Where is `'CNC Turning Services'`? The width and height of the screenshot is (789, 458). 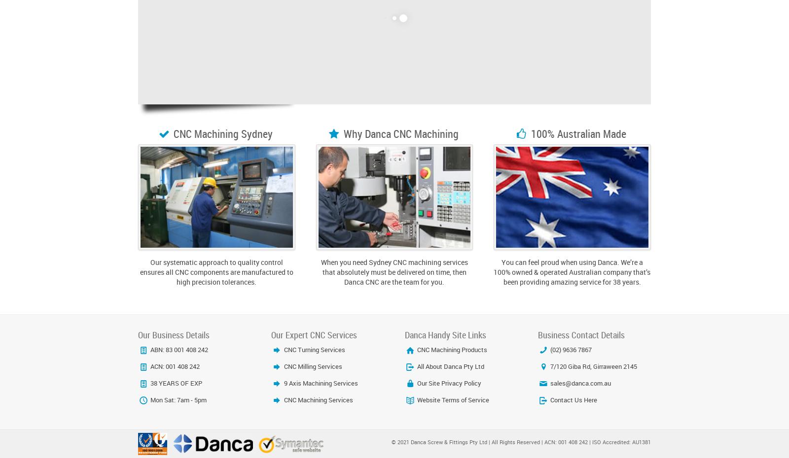 'CNC Turning Services' is located at coordinates (313, 349).